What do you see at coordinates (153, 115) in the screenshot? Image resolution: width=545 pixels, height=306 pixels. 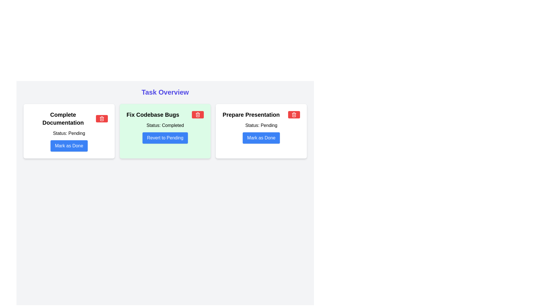 I see `the text element that says 'Fix Codebase Bugs', which is styled in bold and located at the top-left of the second task card` at bounding box center [153, 115].